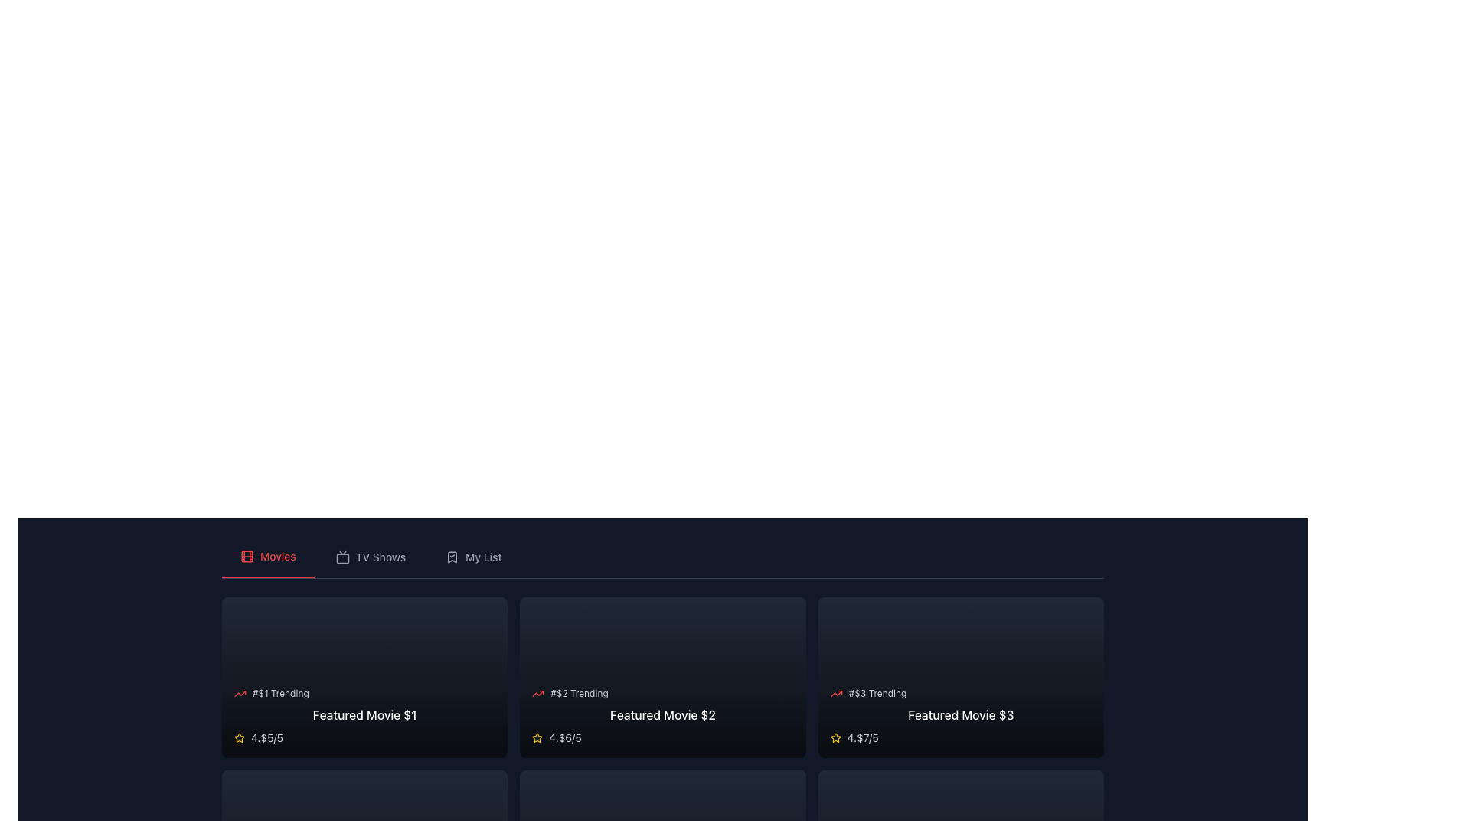 This screenshot has height=827, width=1470. I want to click on the filled star icon representing the rating system located at the bottom-right corner of the 'Featured Movie $3' card, which is inline with the text '4.7/5', so click(537, 737).